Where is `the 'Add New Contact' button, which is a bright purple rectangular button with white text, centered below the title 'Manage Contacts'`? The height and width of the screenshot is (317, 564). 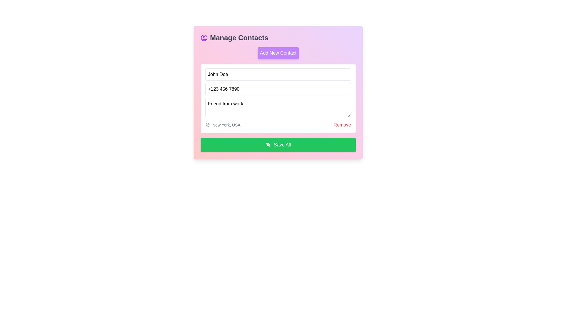
the 'Add New Contact' button, which is a bright purple rectangular button with white text, centered below the title 'Manage Contacts' is located at coordinates (278, 53).